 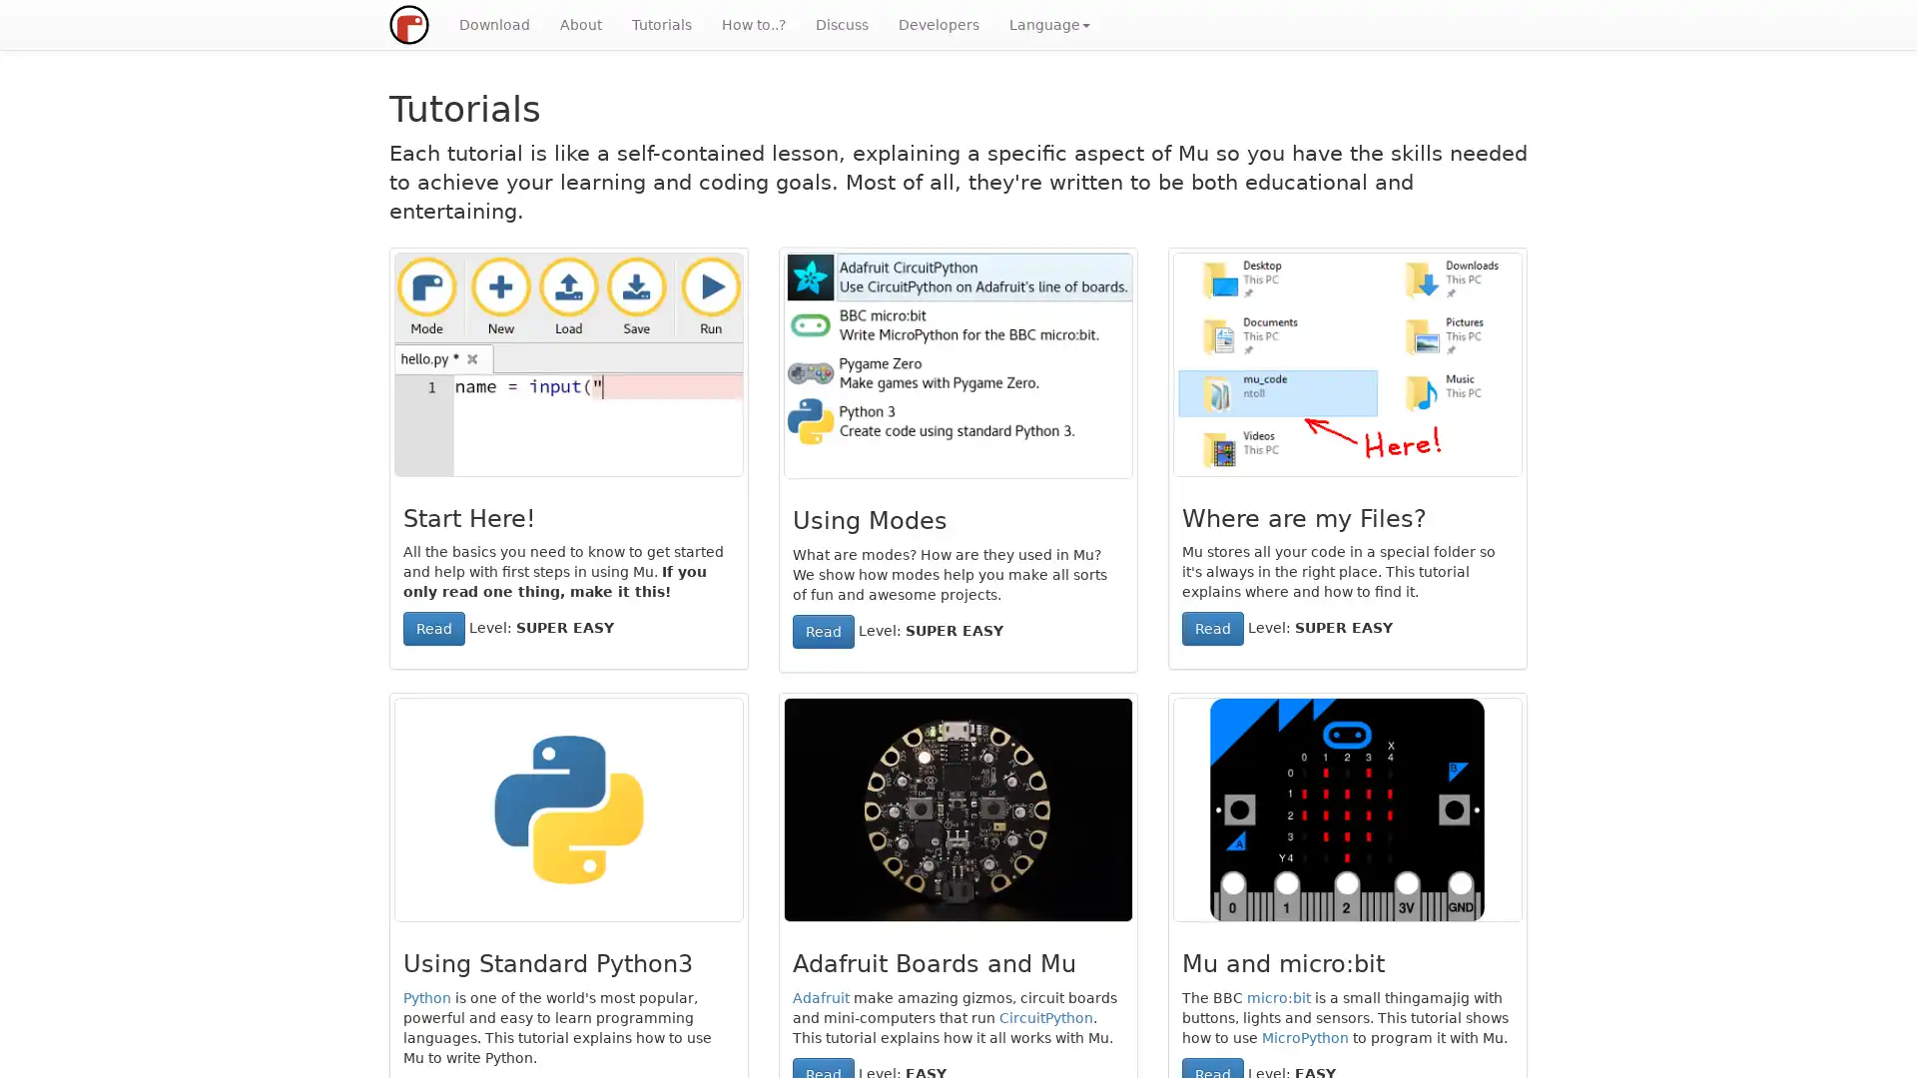 What do you see at coordinates (1211, 627) in the screenshot?
I see `Read` at bounding box center [1211, 627].